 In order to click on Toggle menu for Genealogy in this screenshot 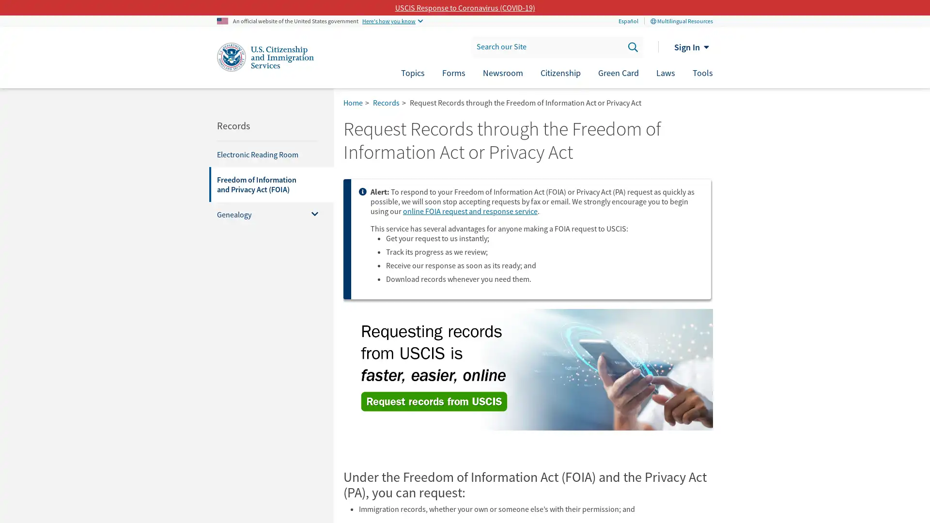, I will do `click(311, 214)`.